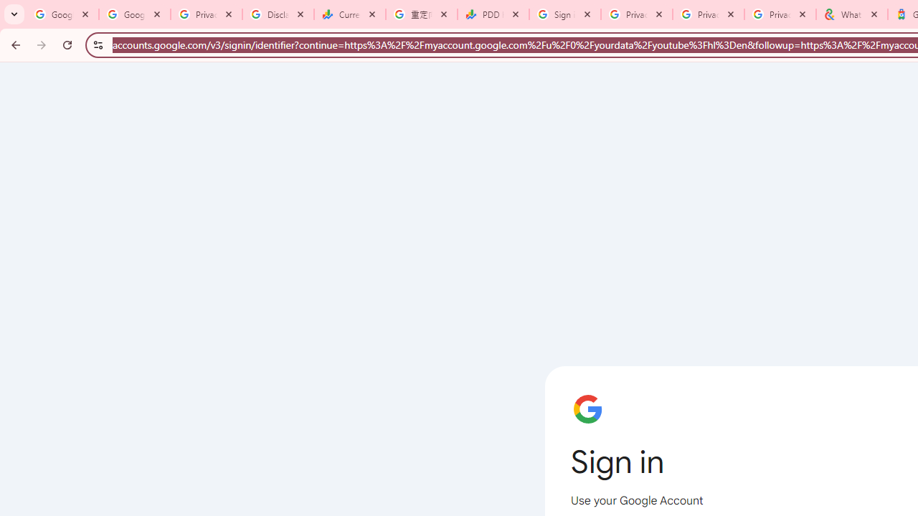  What do you see at coordinates (349, 14) in the screenshot?
I see `'Currencies - Google Finance'` at bounding box center [349, 14].